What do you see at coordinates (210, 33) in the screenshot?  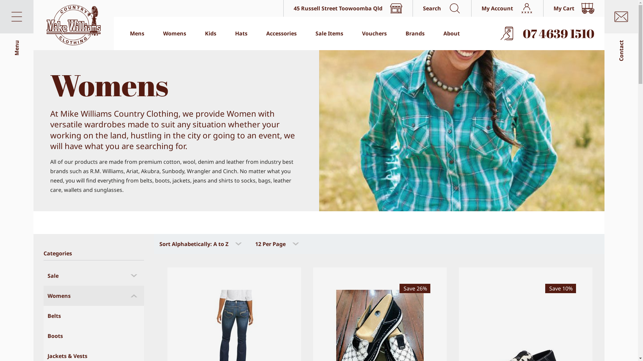 I see `'Kids'` at bounding box center [210, 33].